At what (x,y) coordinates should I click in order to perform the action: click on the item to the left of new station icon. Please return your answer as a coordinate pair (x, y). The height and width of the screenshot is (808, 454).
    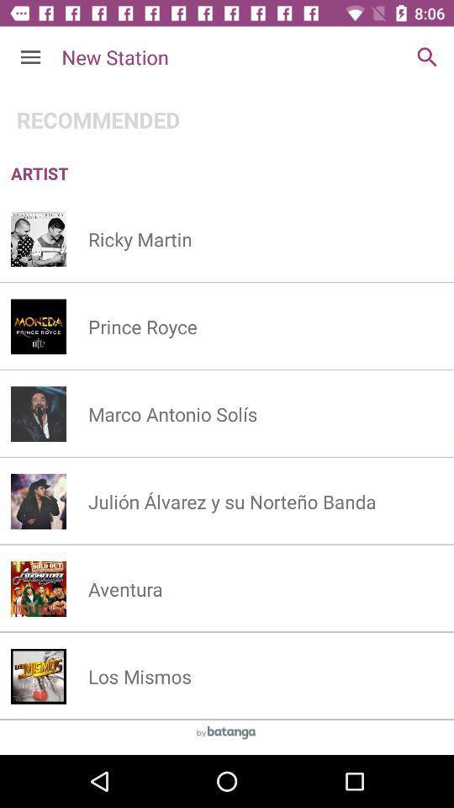
    Looking at the image, I should click on (30, 57).